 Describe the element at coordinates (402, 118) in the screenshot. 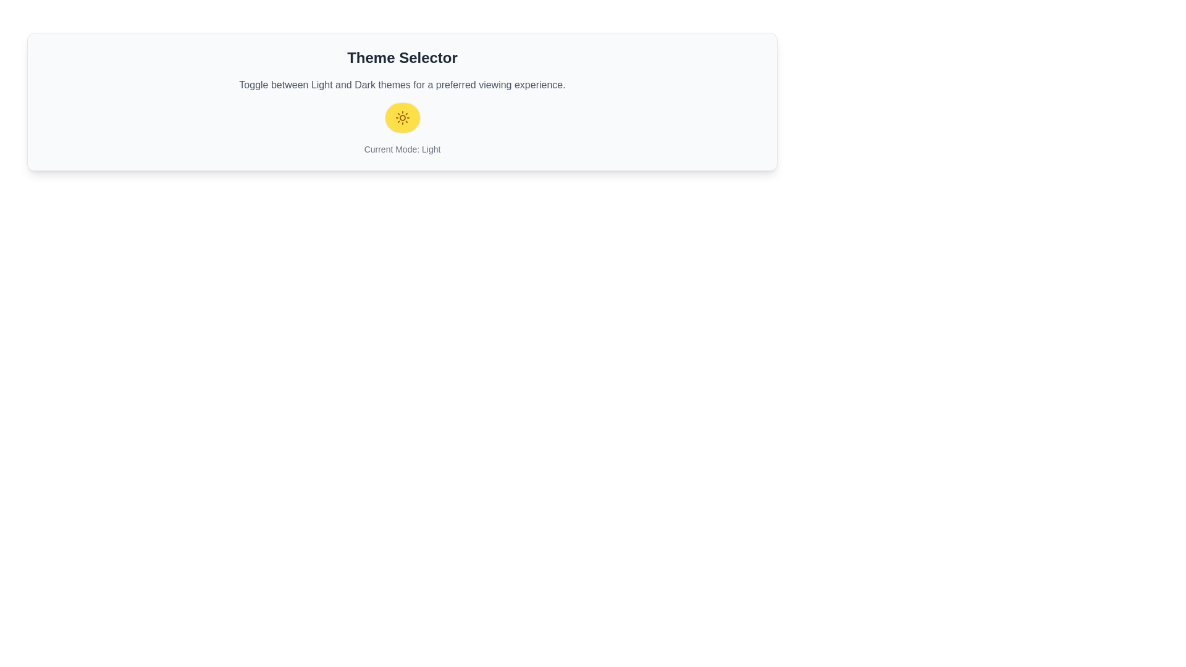

I see `the sun icon element, which is styled with a yellow fill and located at the center of the 'Theme Selector' card` at that location.